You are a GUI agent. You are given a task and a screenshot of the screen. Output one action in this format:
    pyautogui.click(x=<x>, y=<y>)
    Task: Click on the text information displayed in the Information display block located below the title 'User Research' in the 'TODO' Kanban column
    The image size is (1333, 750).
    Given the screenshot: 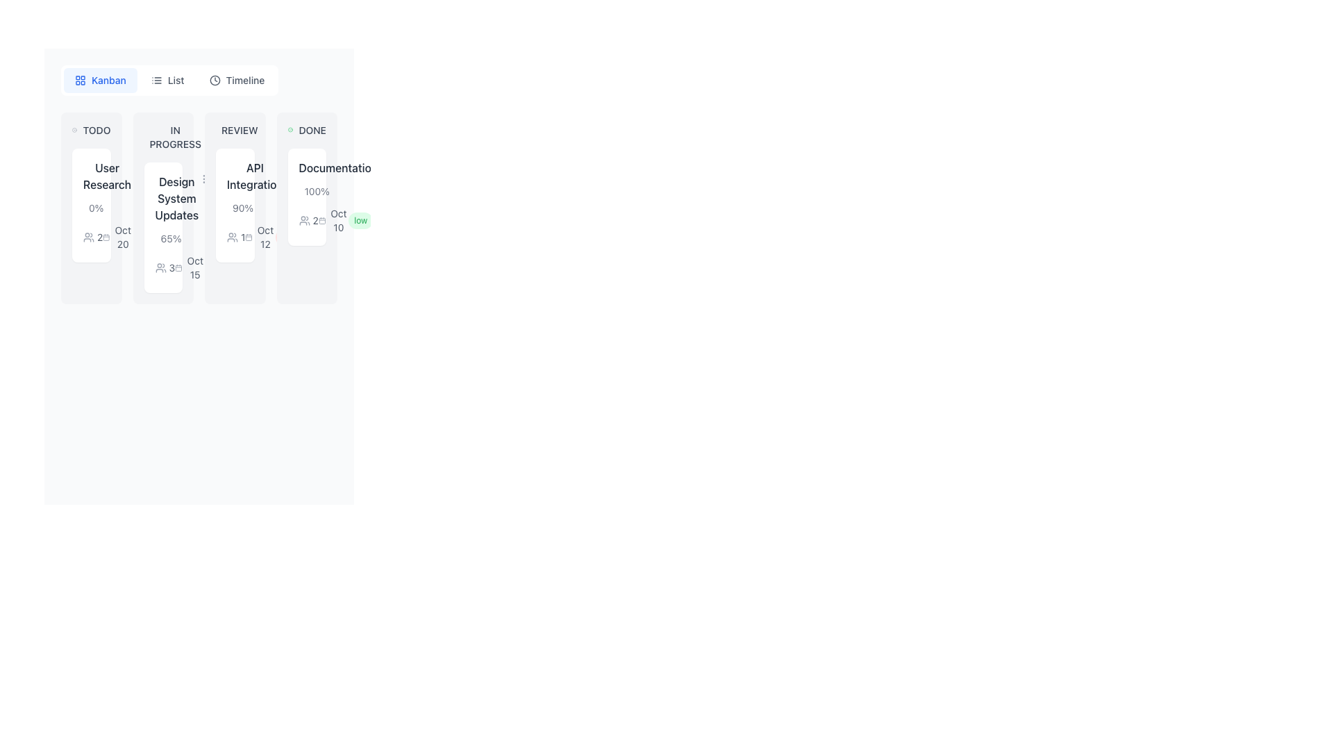 What is the action you would take?
    pyautogui.click(x=90, y=226)
    